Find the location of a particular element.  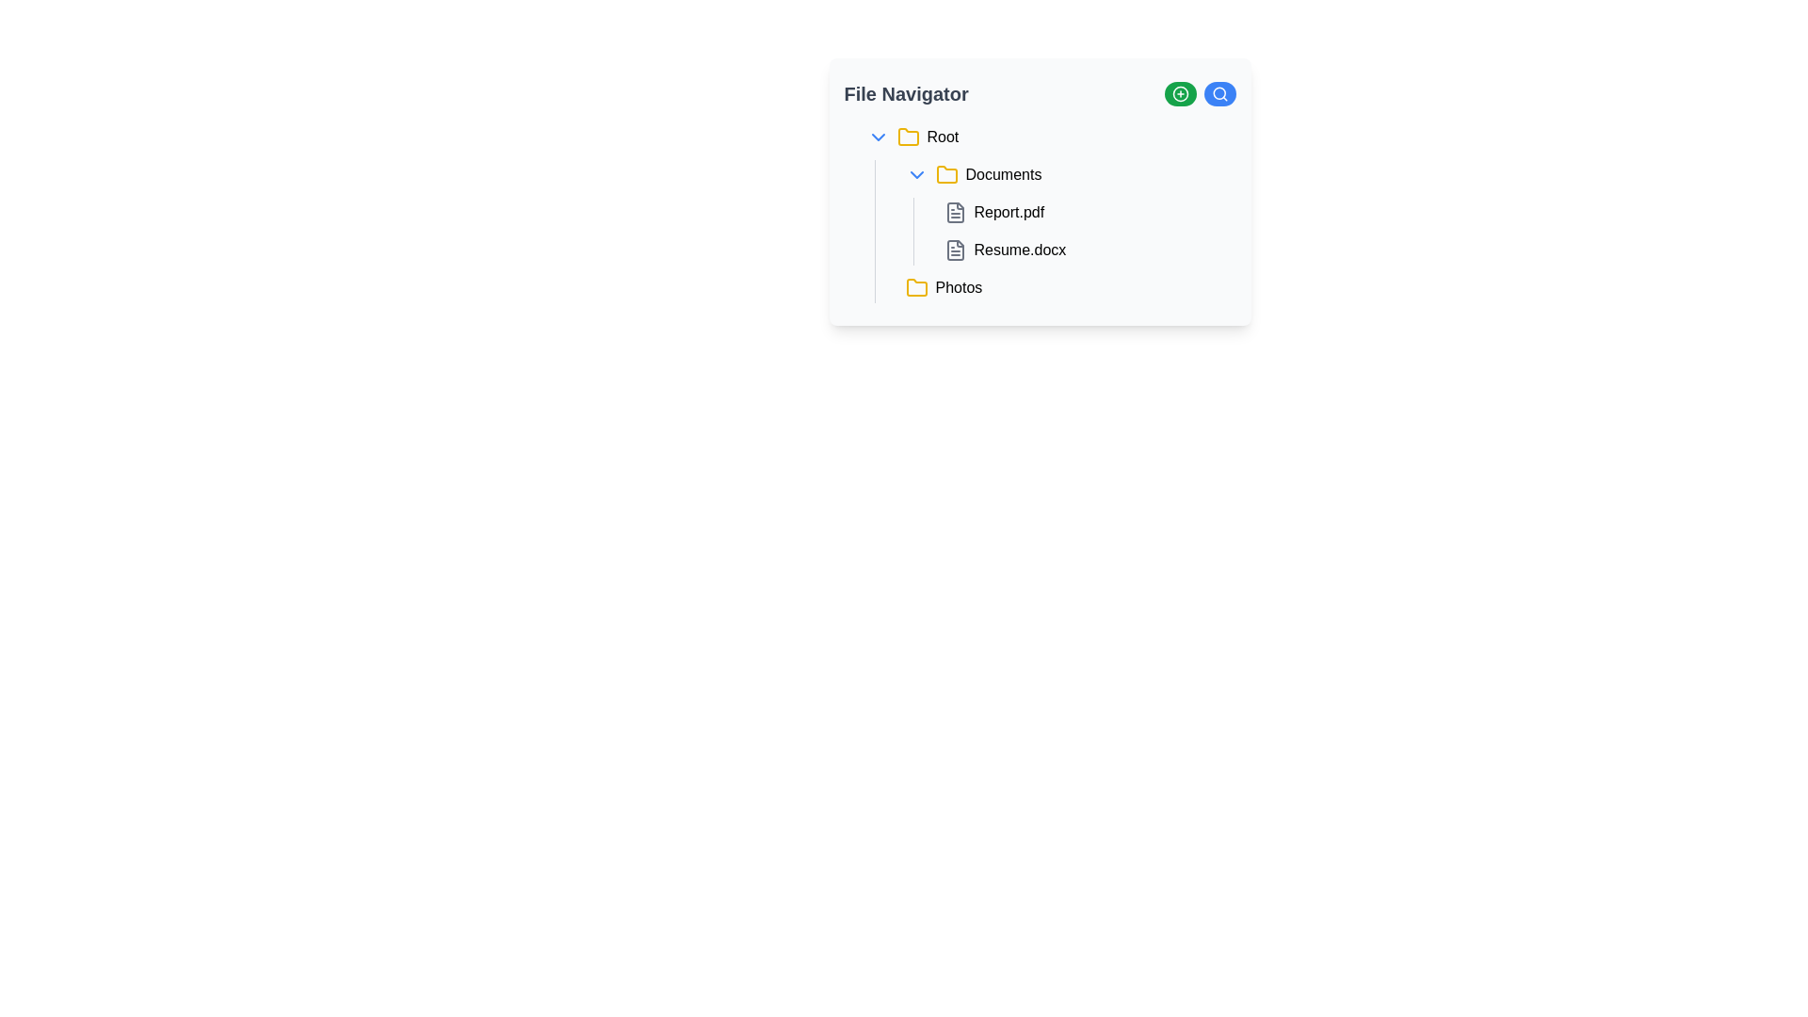

the title Text Label for the file navigator interface, which is positioned at the upper section above the file tree structure is located at coordinates (906, 94).